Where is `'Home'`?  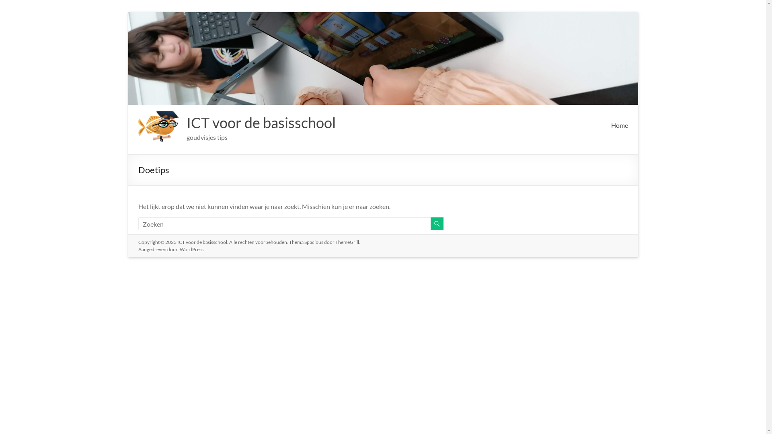 'Home' is located at coordinates (611, 125).